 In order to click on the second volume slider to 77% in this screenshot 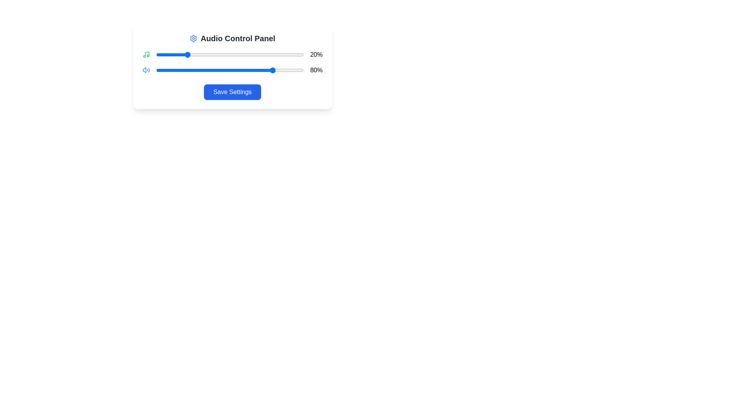, I will do `click(270, 70)`.